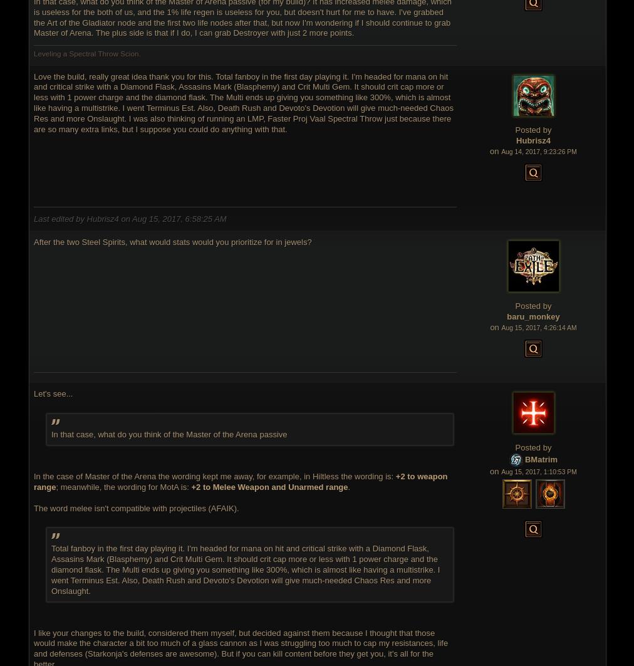 This screenshot has width=634, height=666. What do you see at coordinates (240, 481) in the screenshot?
I see `'+2 to weapon range'` at bounding box center [240, 481].